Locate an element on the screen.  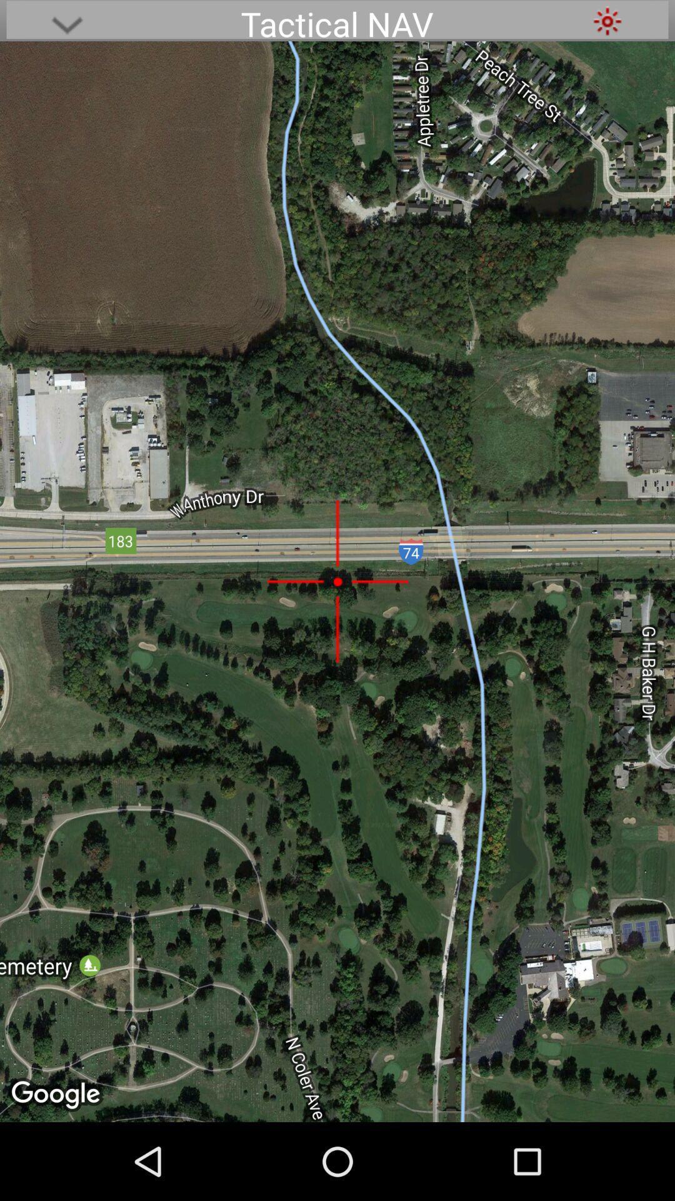
brings up additional options is located at coordinates (67, 21).